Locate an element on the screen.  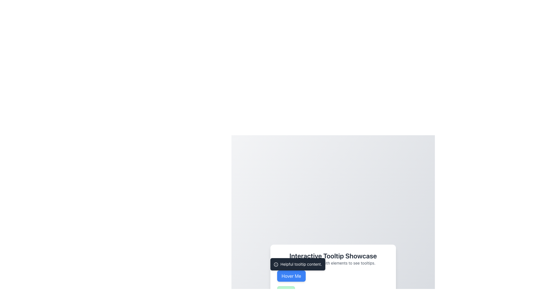
the heading text 'Interactive Tooltip Showcase' for reading by moving the cursor to its center point is located at coordinates (333, 256).